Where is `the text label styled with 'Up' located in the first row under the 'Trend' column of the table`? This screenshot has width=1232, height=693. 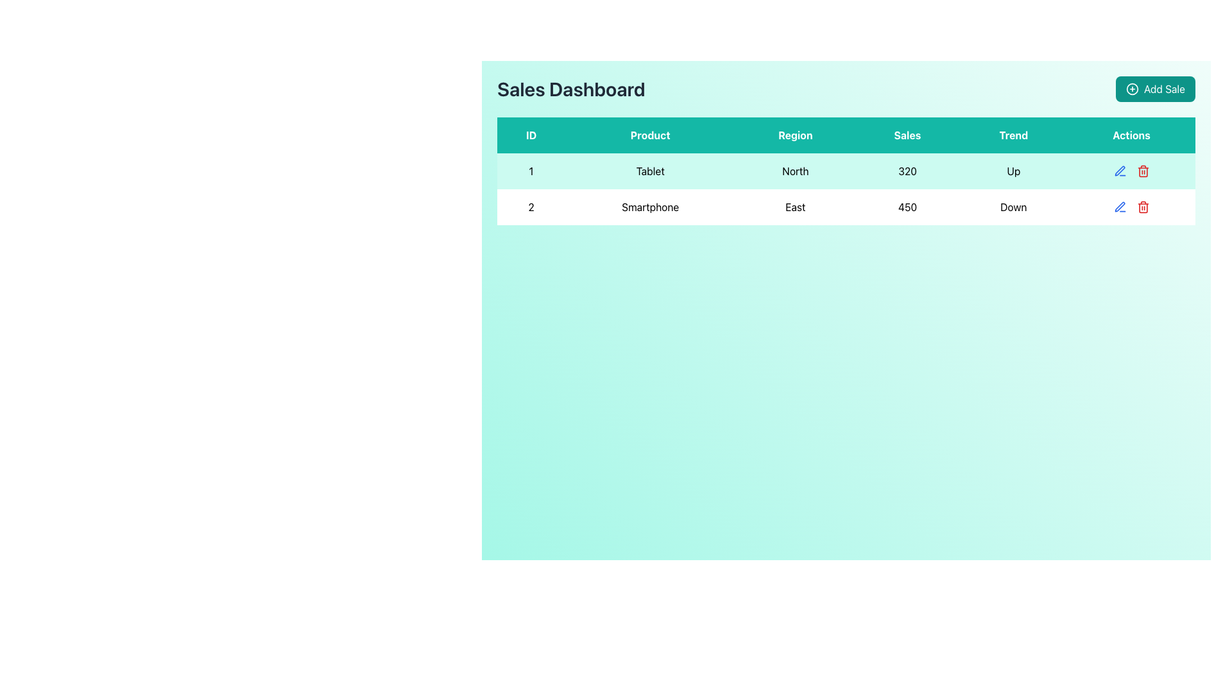 the text label styled with 'Up' located in the first row under the 'Trend' column of the table is located at coordinates (1013, 170).